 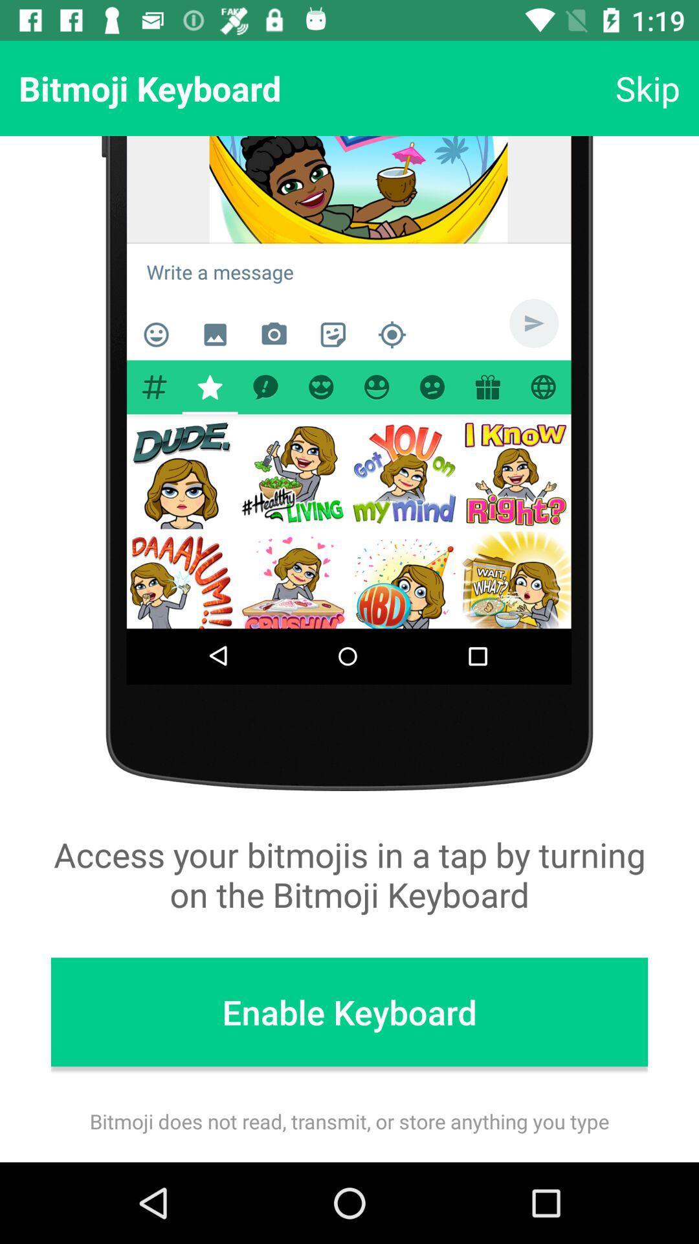 I want to click on icon at the top right corner, so click(x=647, y=87).